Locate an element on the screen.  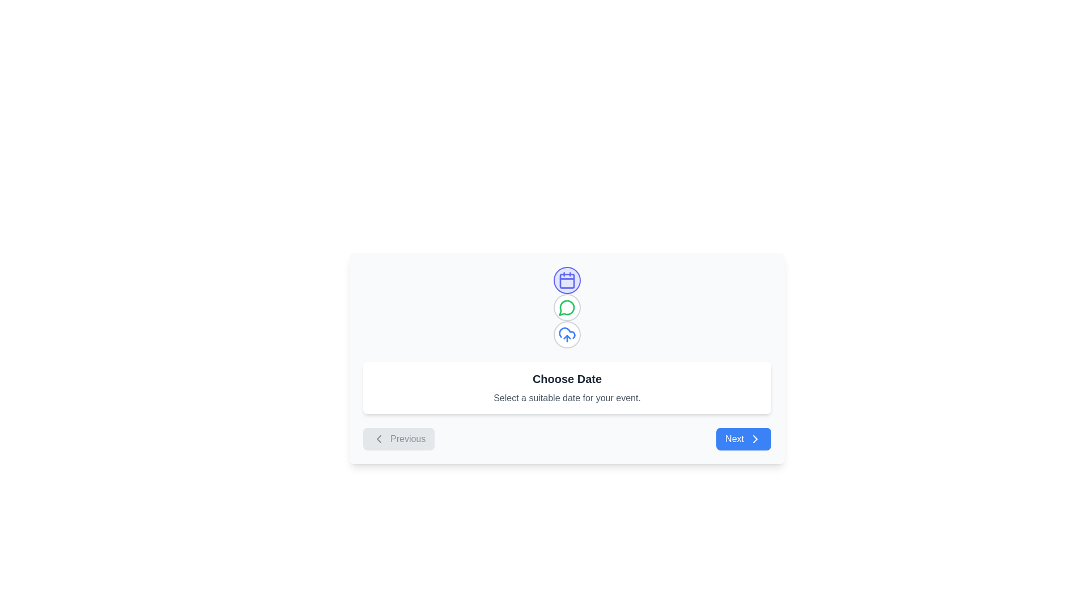
the messaging or communication icon, which is centrally located within a white, rounded, bordered circle is located at coordinates (567, 308).